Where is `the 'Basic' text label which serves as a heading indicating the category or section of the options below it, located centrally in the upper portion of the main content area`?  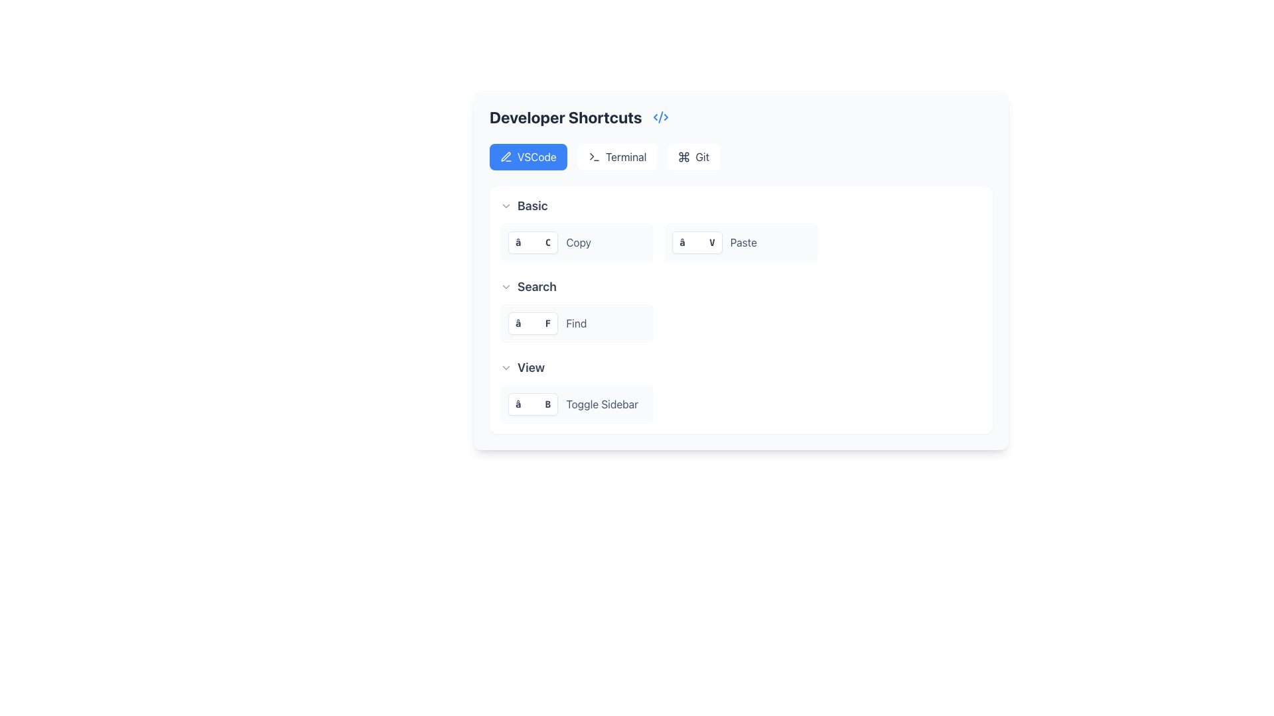 the 'Basic' text label which serves as a heading indicating the category or section of the options below it, located centrally in the upper portion of the main content area is located at coordinates (532, 206).